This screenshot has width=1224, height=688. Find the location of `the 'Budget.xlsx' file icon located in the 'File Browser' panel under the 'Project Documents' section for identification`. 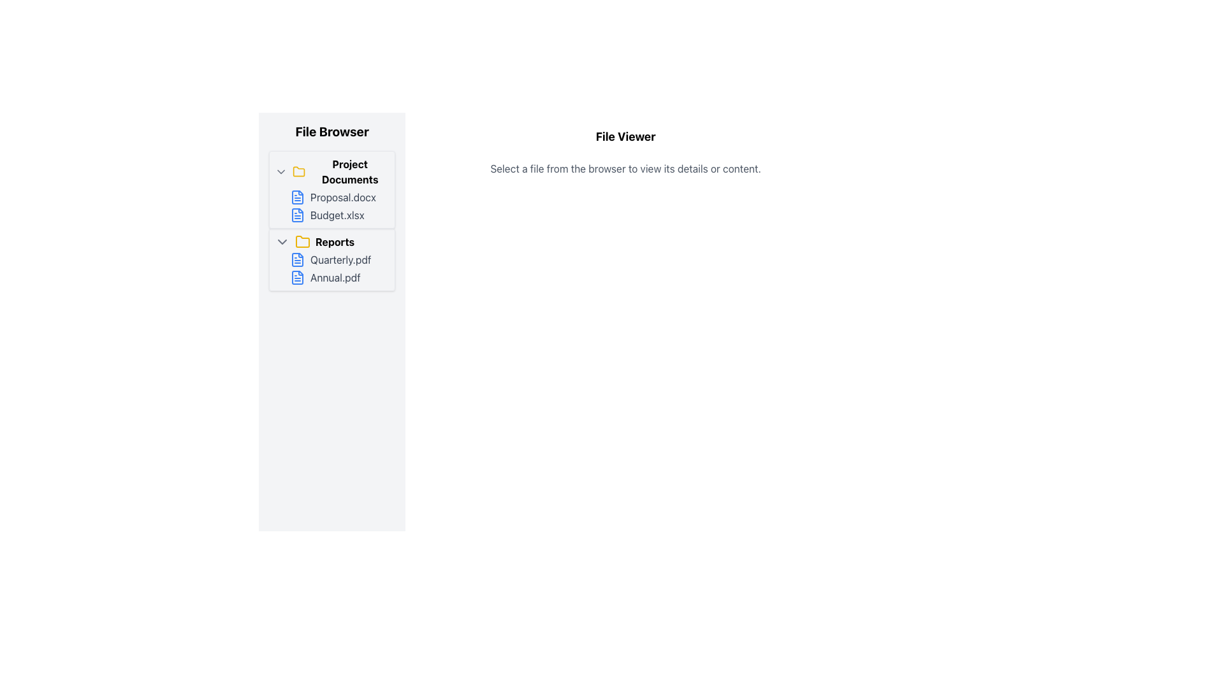

the 'Budget.xlsx' file icon located in the 'File Browser' panel under the 'Project Documents' section for identification is located at coordinates (296, 215).